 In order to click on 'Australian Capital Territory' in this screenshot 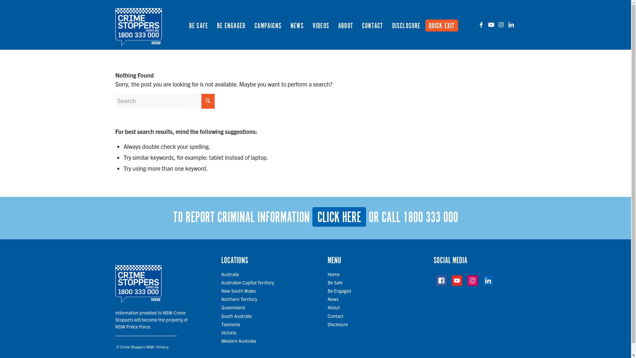, I will do `click(221, 282)`.